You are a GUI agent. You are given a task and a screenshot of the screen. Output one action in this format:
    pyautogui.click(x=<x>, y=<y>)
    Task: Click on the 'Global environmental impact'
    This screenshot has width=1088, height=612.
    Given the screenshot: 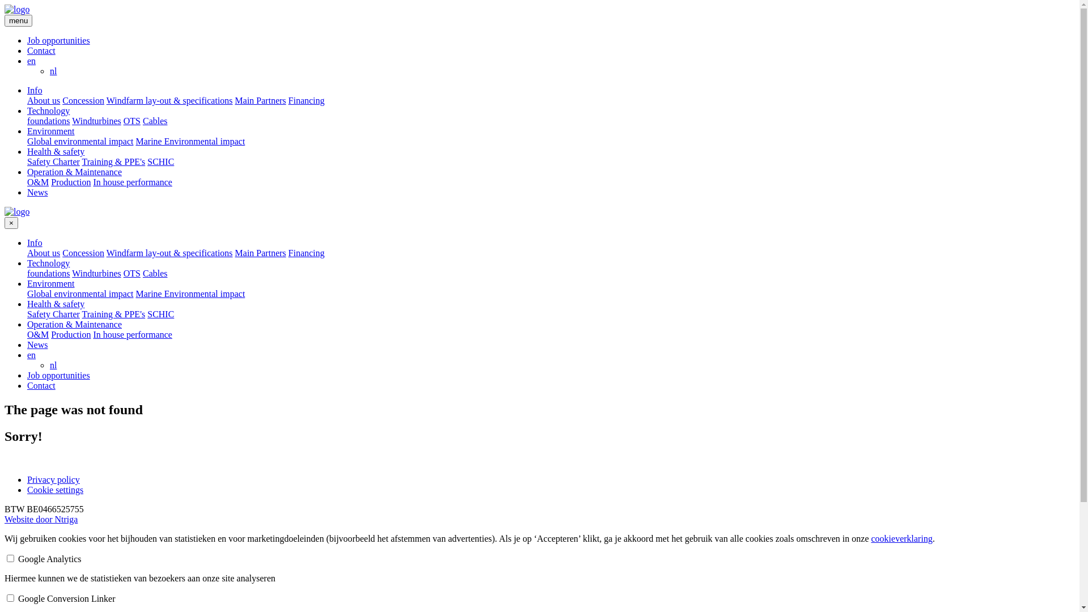 What is the action you would take?
    pyautogui.click(x=80, y=293)
    